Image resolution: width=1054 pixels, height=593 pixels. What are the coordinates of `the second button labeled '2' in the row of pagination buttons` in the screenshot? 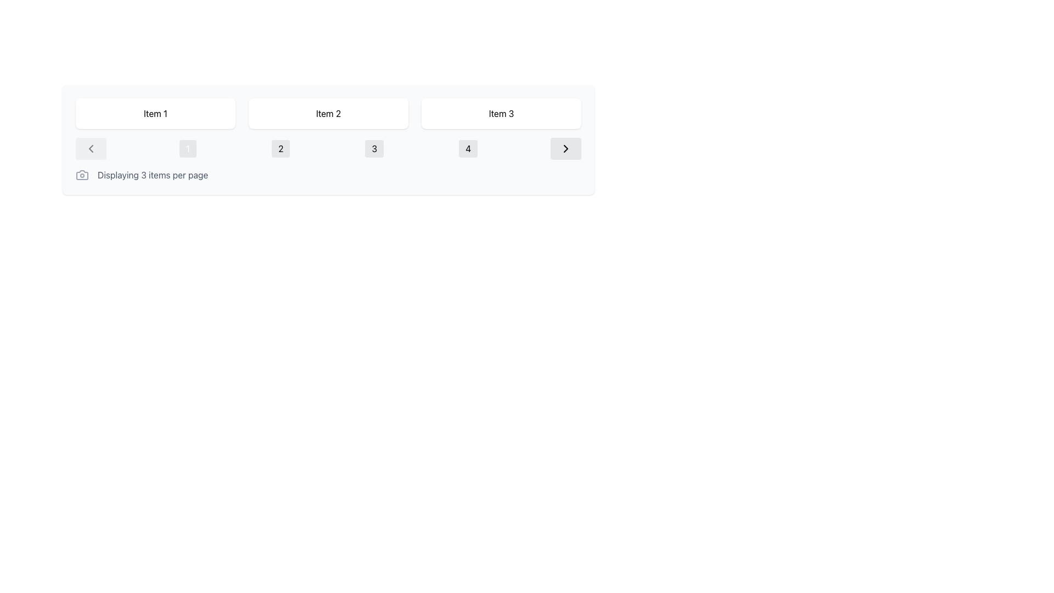 It's located at (281, 148).